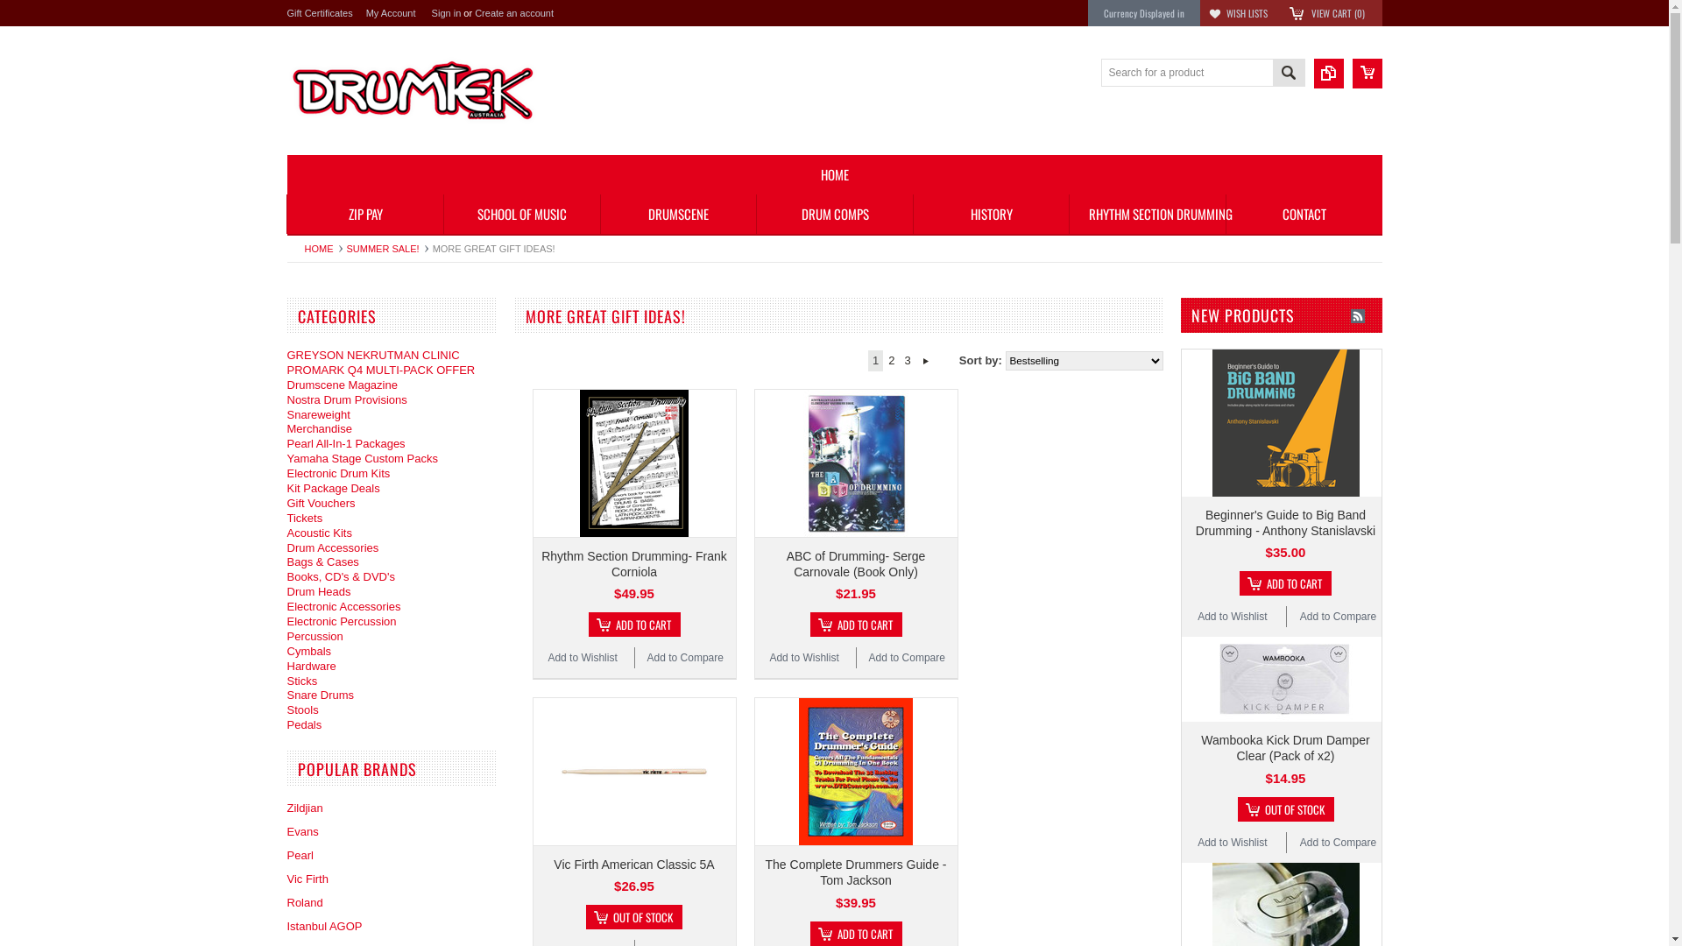 The width and height of the screenshot is (1682, 946). What do you see at coordinates (302, 830) in the screenshot?
I see `'Evans'` at bounding box center [302, 830].